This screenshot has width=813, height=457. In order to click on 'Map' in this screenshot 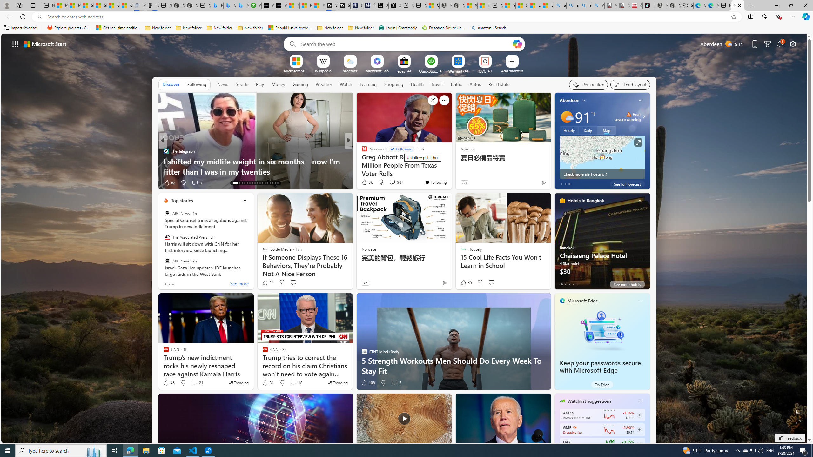, I will do `click(606, 130)`.